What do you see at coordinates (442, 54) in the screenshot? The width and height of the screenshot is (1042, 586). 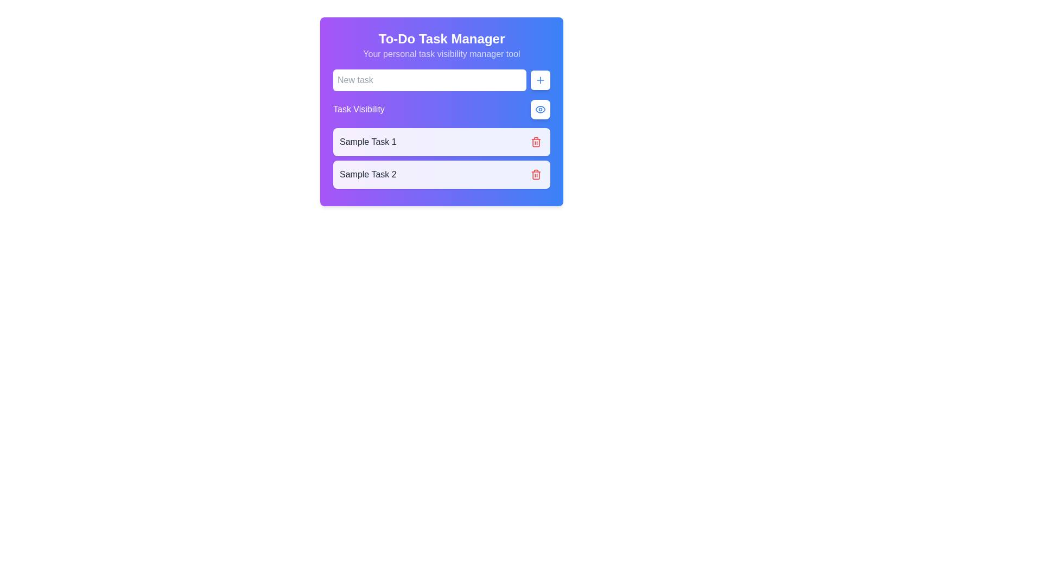 I see `the descriptive subtitle text label located below the title 'To-Do Task Manager' in the upper section of the main panel` at bounding box center [442, 54].